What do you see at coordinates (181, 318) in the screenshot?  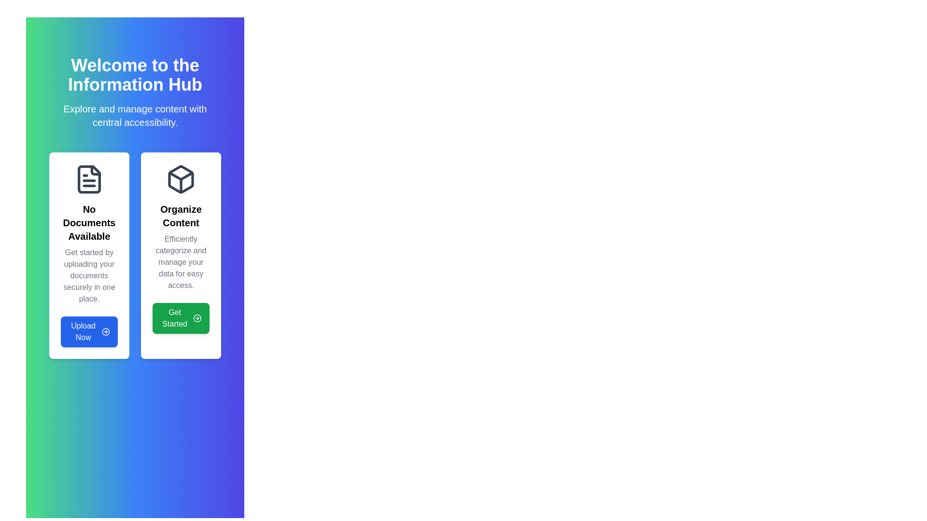 I see `the button located at the bottom of the panel on the right side, beneath the text 'Efficiently categorize and manage your data for easy access'` at bounding box center [181, 318].